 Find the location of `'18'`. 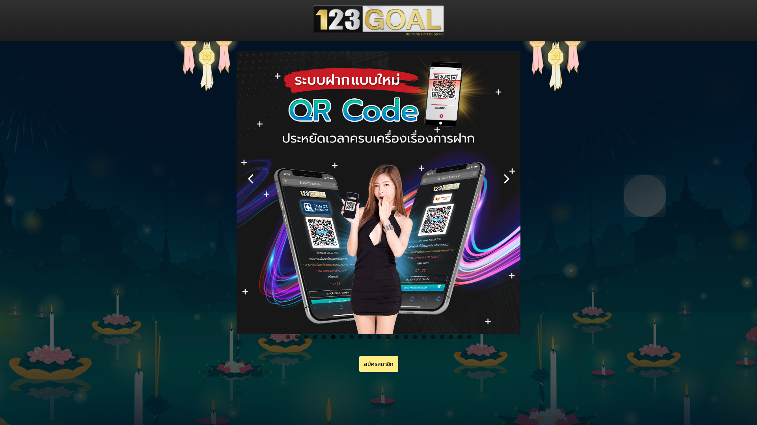

'18' is located at coordinates (442, 336).